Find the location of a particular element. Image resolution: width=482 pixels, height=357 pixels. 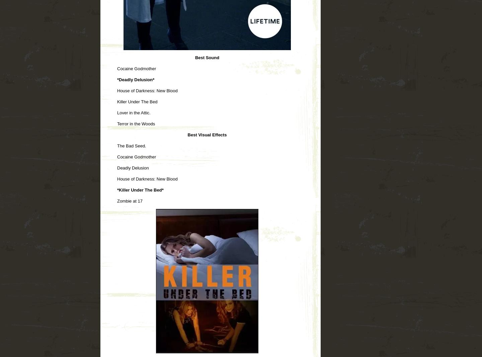

'The Bad Seed.' is located at coordinates (131, 145).